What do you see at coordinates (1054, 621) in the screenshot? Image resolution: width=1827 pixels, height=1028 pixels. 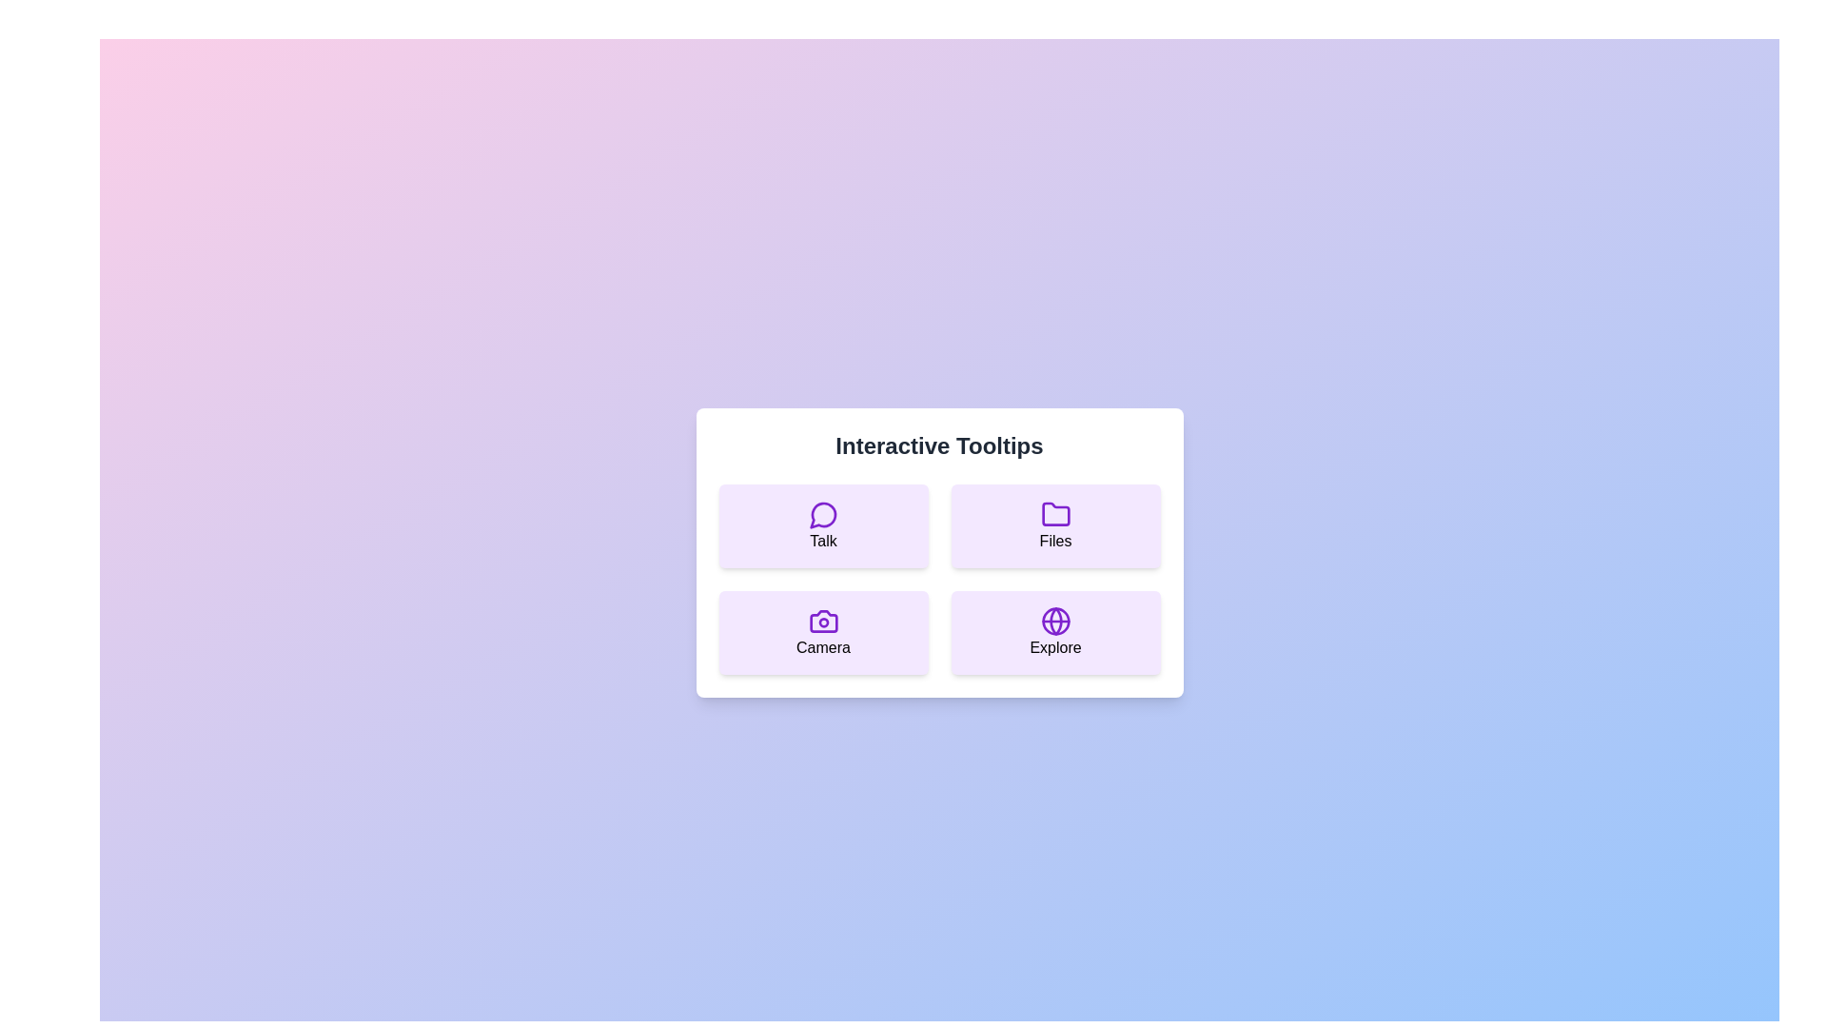 I see `the 'Explore' icon located in the bottom-right corner of the grid layout, which symbolizes global exploration functionality` at bounding box center [1054, 621].